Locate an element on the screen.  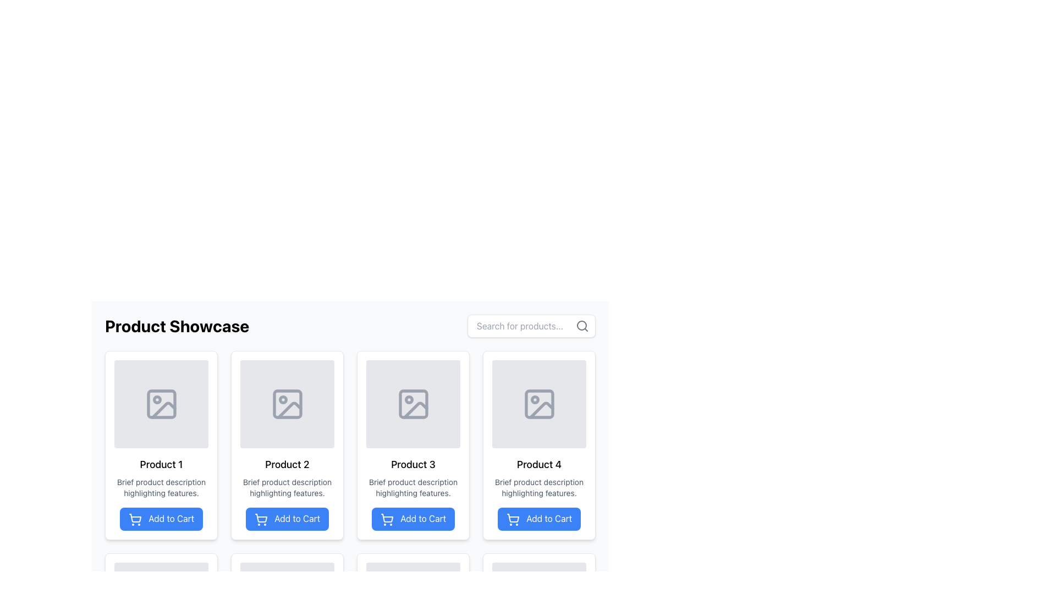
the text element displaying 'Brief product description highlighting features.' which is located beneath the title 'Product 2' and above the 'Add to Cart' button is located at coordinates (287, 487).